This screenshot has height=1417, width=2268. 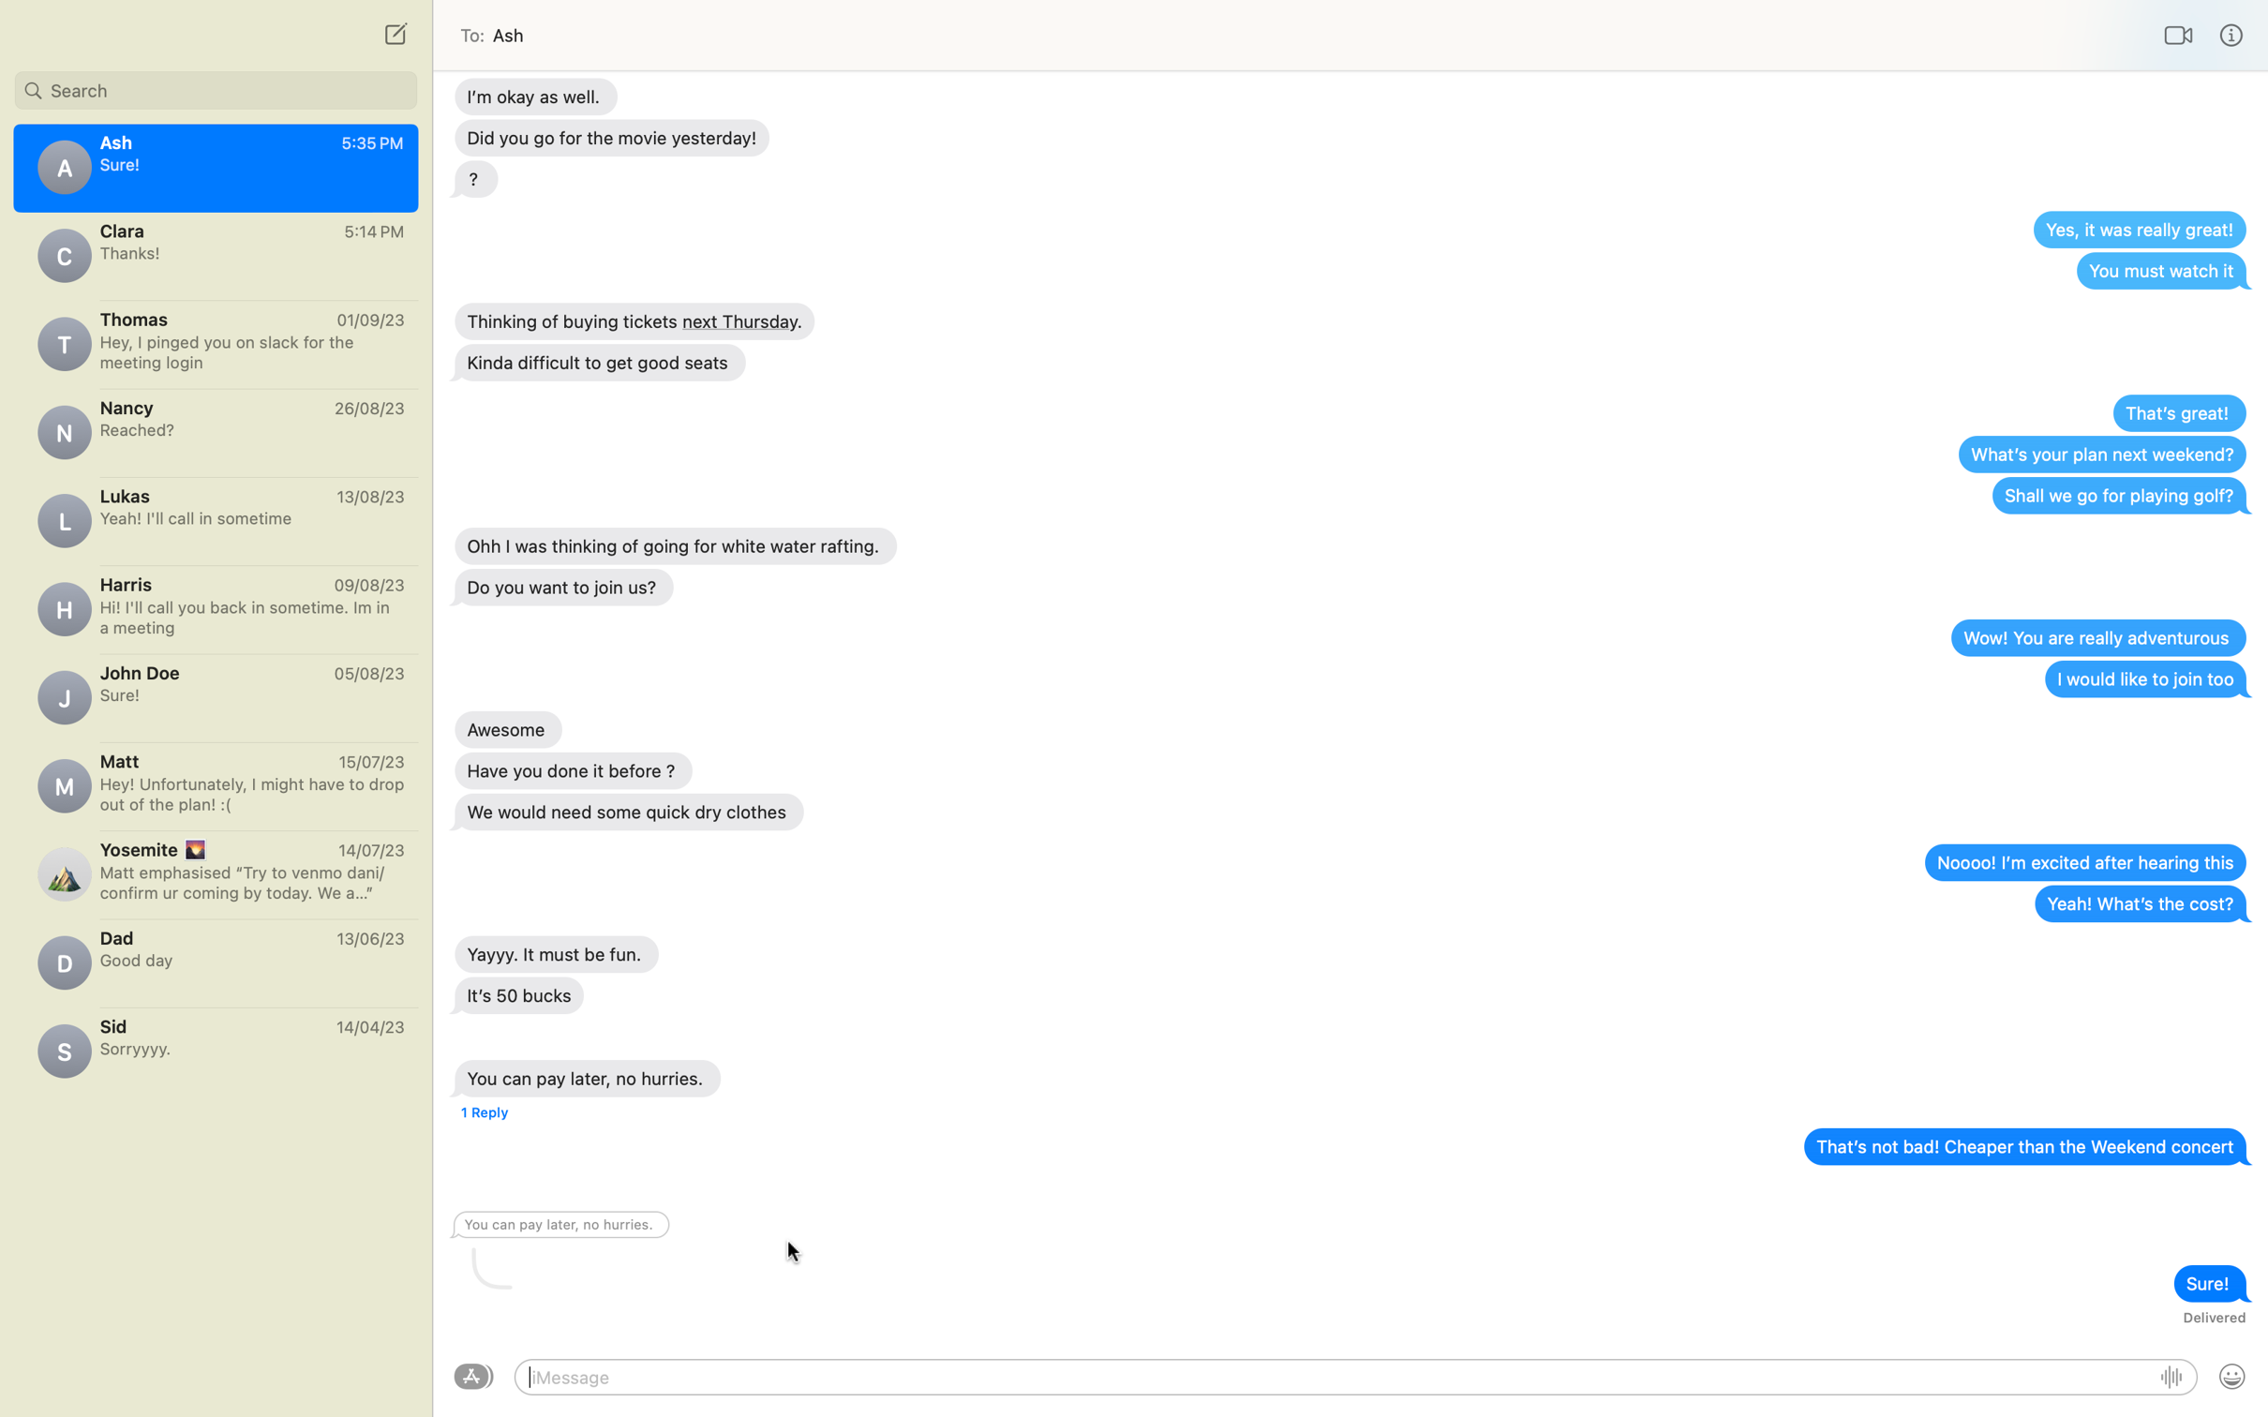 What do you see at coordinates (215, 254) in the screenshot?
I see `Compose a message to Clara stating "I watched the film and it was amazing!` at bounding box center [215, 254].